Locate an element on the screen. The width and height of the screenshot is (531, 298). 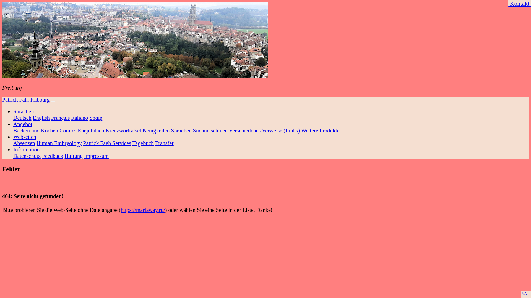
'Sprachen' is located at coordinates (181, 131).